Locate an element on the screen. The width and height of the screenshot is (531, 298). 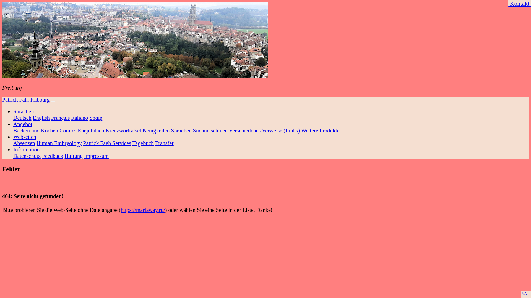
'Sprachen' is located at coordinates (181, 131).